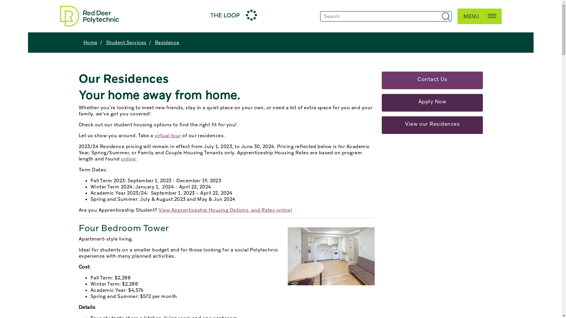 The width and height of the screenshot is (566, 318). What do you see at coordinates (446, 16) in the screenshot?
I see `' '` at bounding box center [446, 16].